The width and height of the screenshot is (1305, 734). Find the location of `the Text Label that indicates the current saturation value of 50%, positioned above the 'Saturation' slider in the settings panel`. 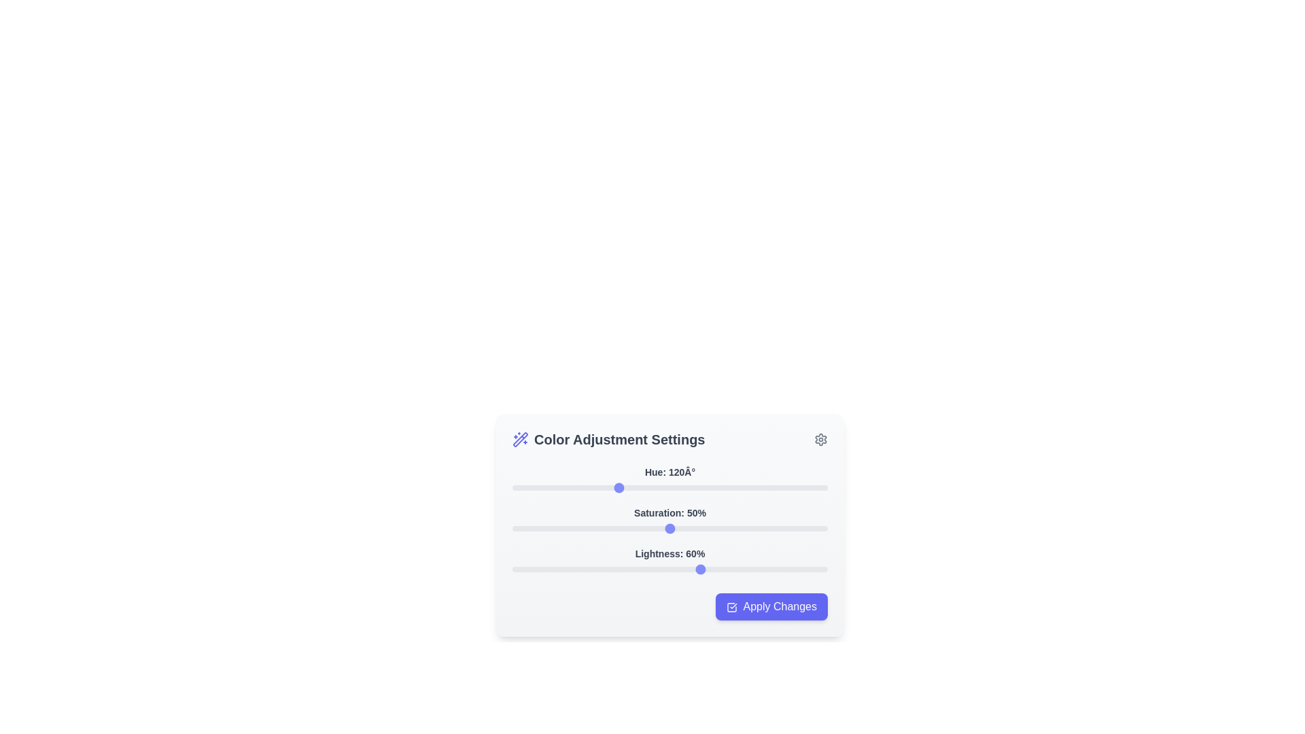

the Text Label that indicates the current saturation value of 50%, positioned above the 'Saturation' slider in the settings panel is located at coordinates (669, 513).